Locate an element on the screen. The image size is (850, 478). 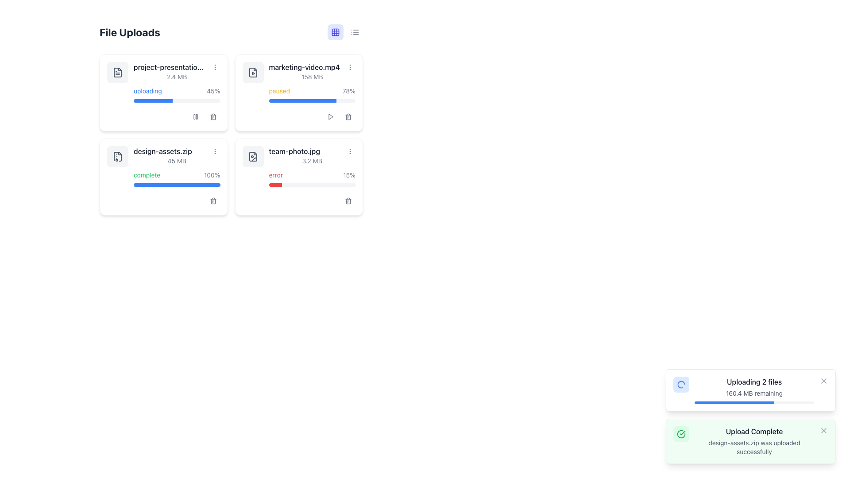
the Text Display showing '15%' located in the lower right quadrant of the card labeled 'team-photo.jpg' to assess the error details is located at coordinates (349, 175).